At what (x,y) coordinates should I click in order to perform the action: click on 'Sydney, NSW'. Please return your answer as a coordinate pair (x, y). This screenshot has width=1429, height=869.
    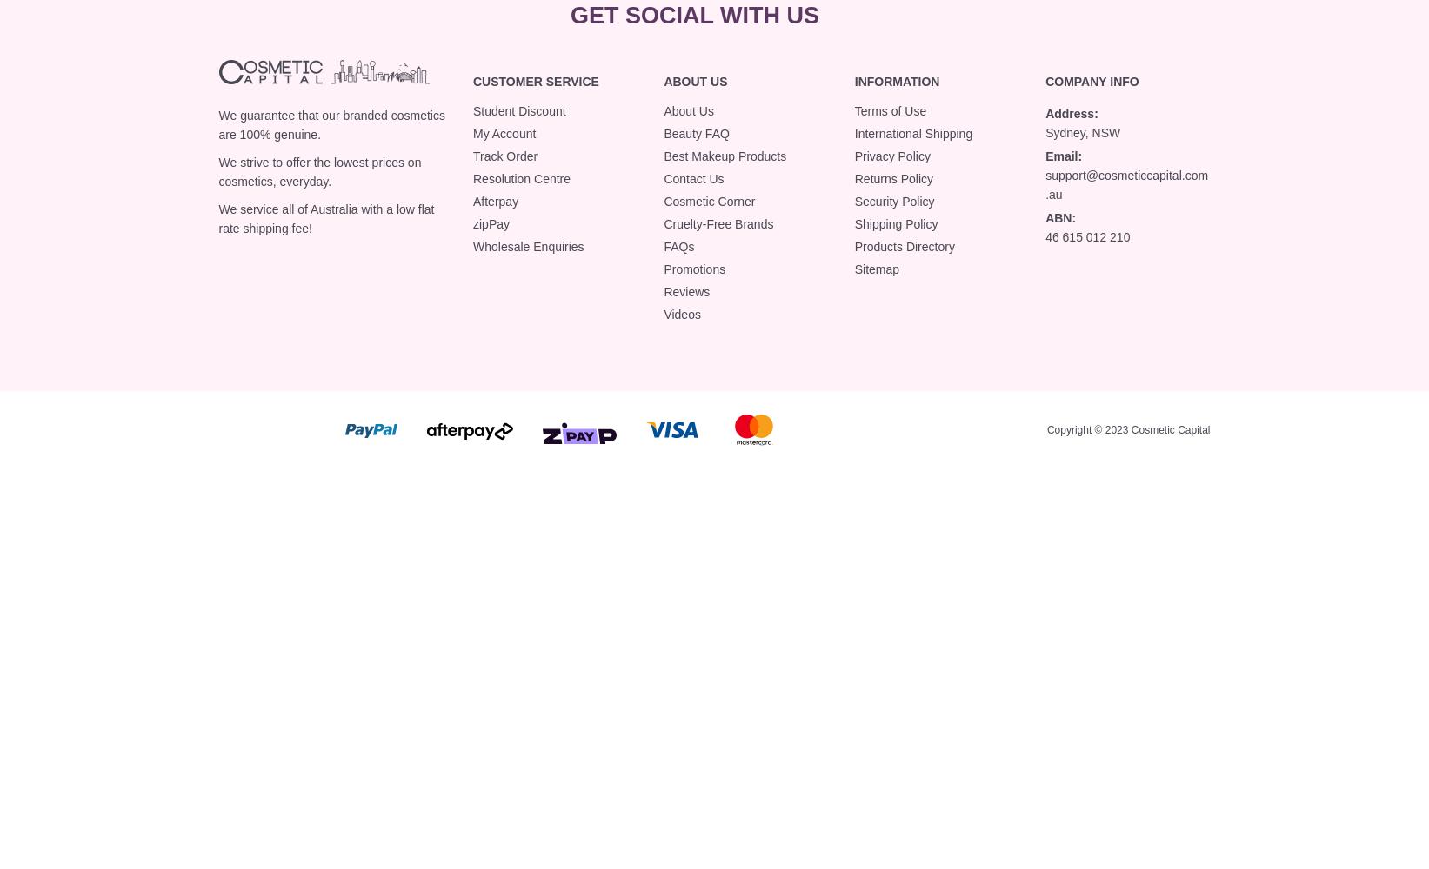
    Looking at the image, I should click on (1082, 132).